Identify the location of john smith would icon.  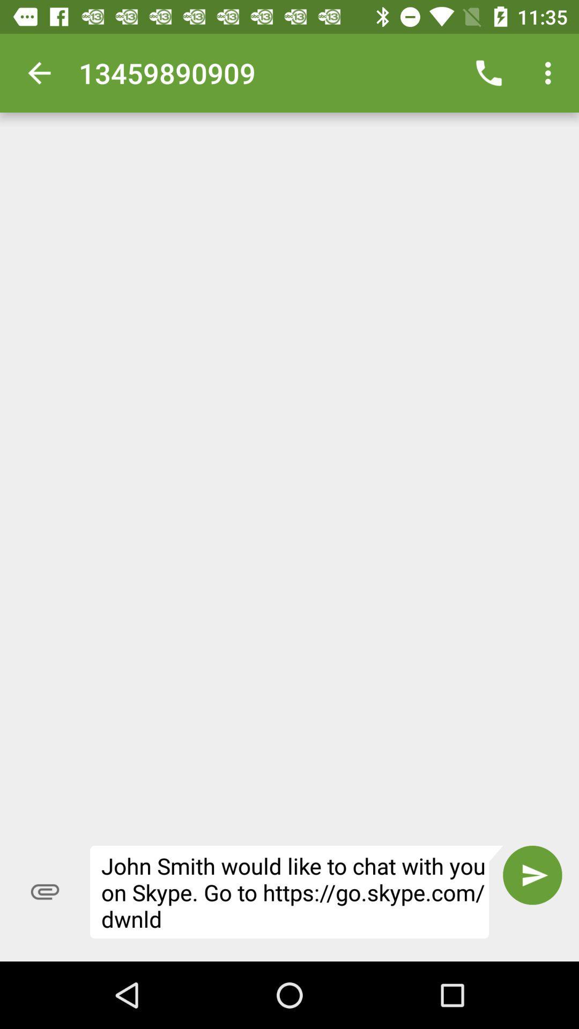
(296, 892).